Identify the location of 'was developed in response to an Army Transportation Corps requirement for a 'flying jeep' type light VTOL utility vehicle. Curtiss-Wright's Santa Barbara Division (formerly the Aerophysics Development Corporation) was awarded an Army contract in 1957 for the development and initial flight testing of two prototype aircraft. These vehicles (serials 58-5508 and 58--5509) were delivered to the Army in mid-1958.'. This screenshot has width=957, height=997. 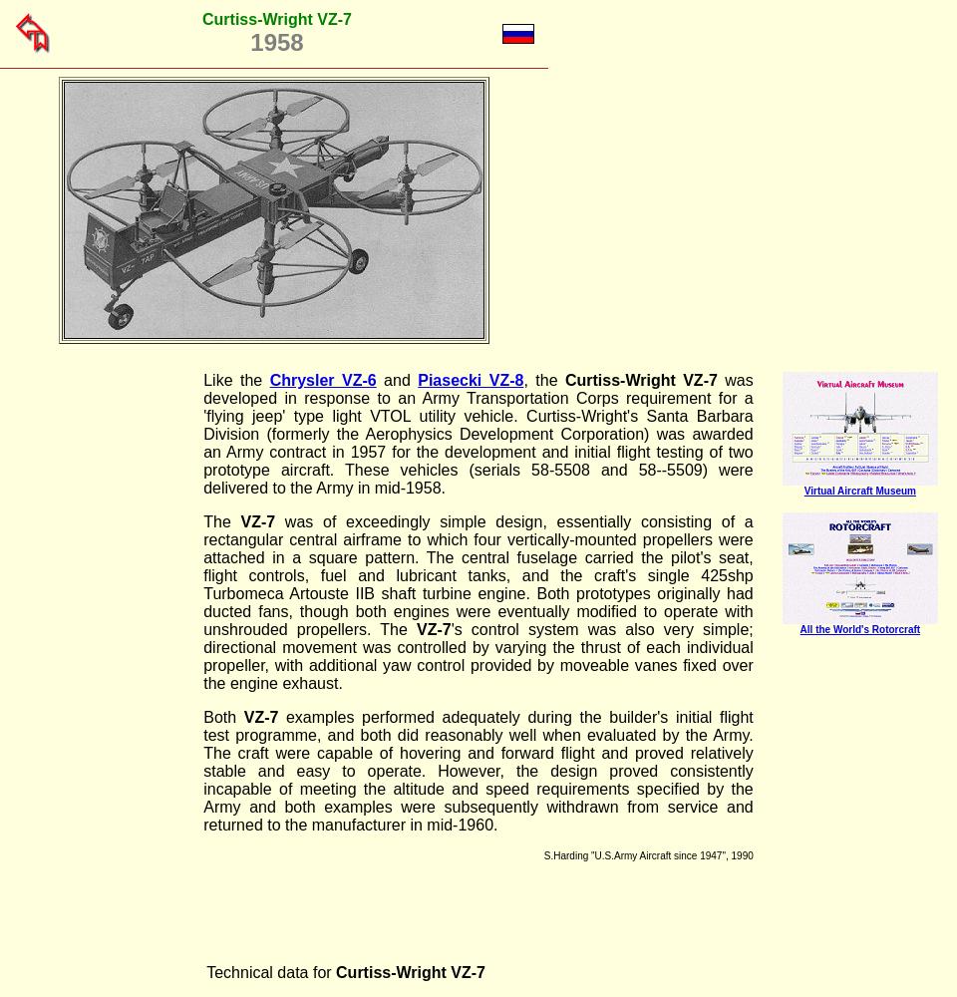
(203, 434).